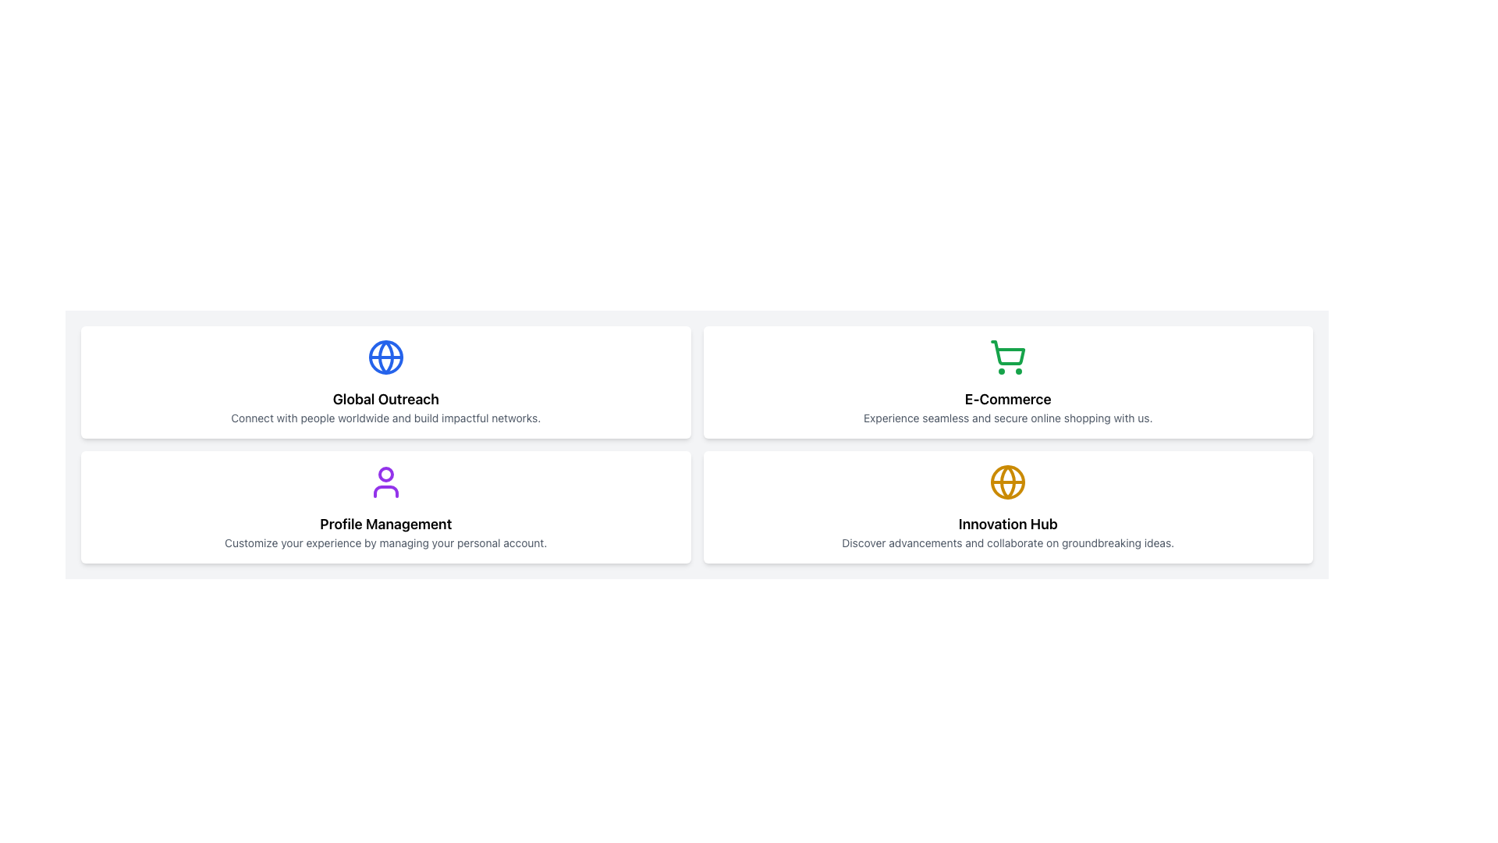 Image resolution: width=1498 pixels, height=843 pixels. Describe the element at coordinates (1008, 382) in the screenshot. I see `the informational card featuring a green shopping cart icon and the text 'E-Commerce', located in the top-right corner of the 2x2 grid layout` at that location.